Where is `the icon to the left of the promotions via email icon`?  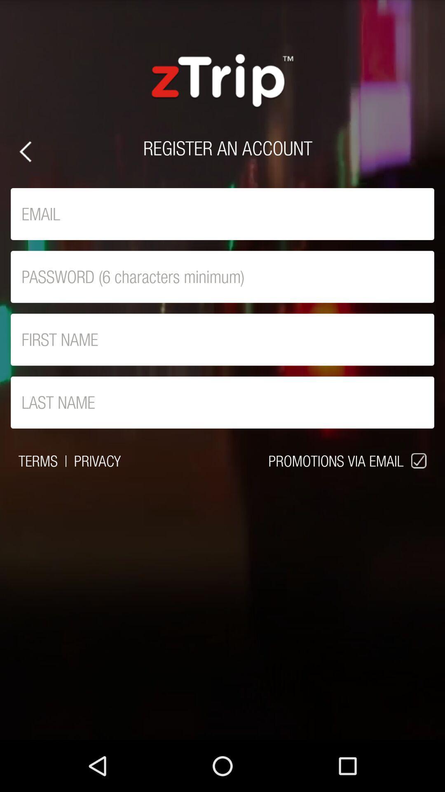
the icon to the left of the promotions via email icon is located at coordinates (97, 460).